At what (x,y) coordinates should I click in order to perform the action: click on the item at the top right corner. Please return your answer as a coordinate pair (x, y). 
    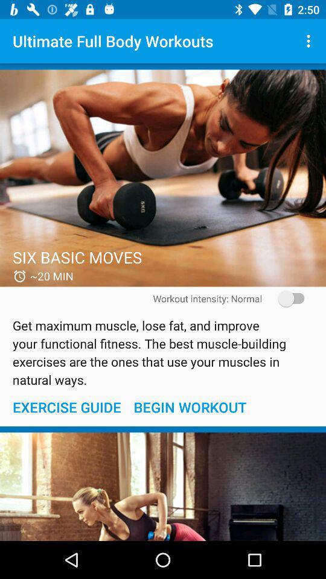
    Looking at the image, I should click on (310, 41).